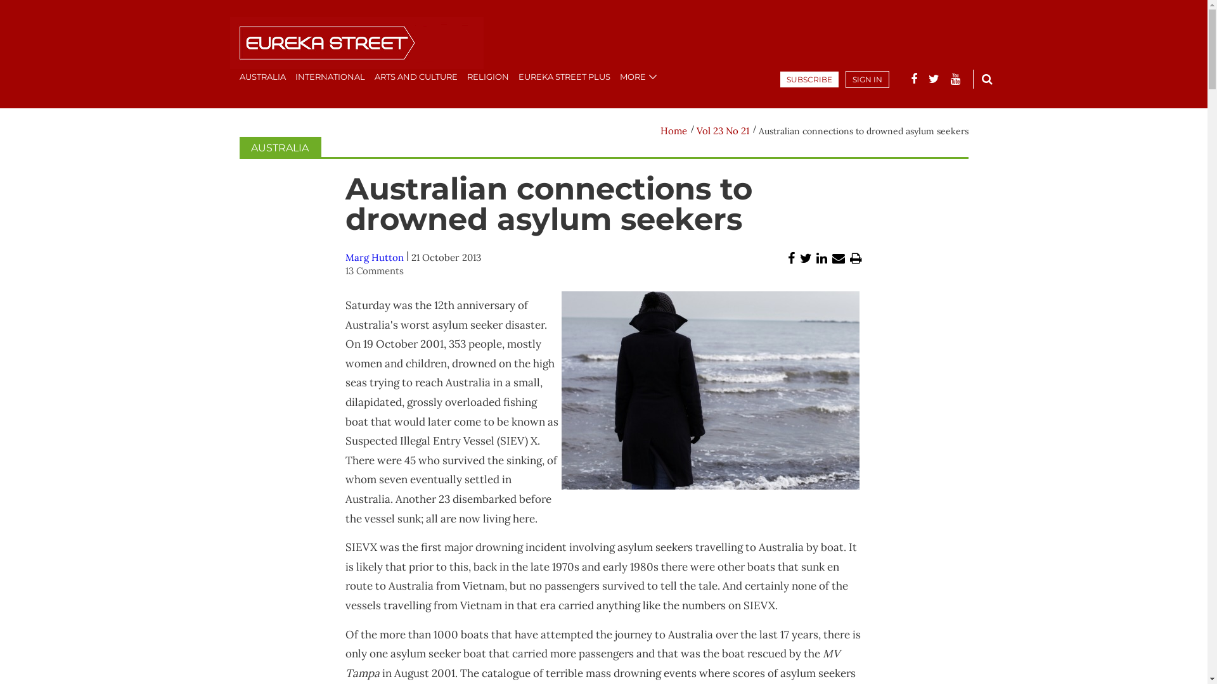 This screenshot has width=1217, height=684. Describe the element at coordinates (373, 256) in the screenshot. I see `'Marg Hutton'` at that location.